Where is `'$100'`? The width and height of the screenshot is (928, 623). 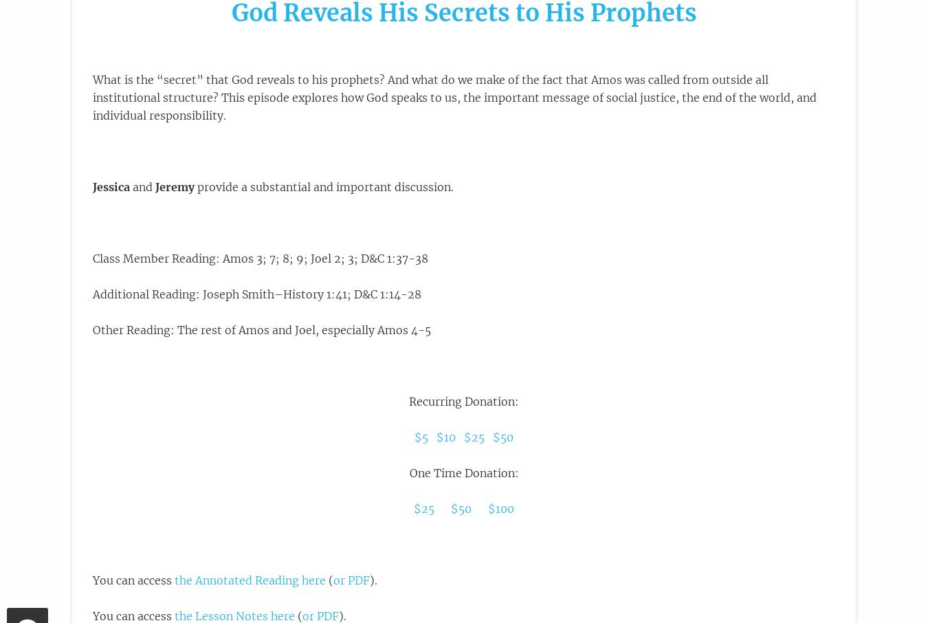 '$100' is located at coordinates (500, 508).